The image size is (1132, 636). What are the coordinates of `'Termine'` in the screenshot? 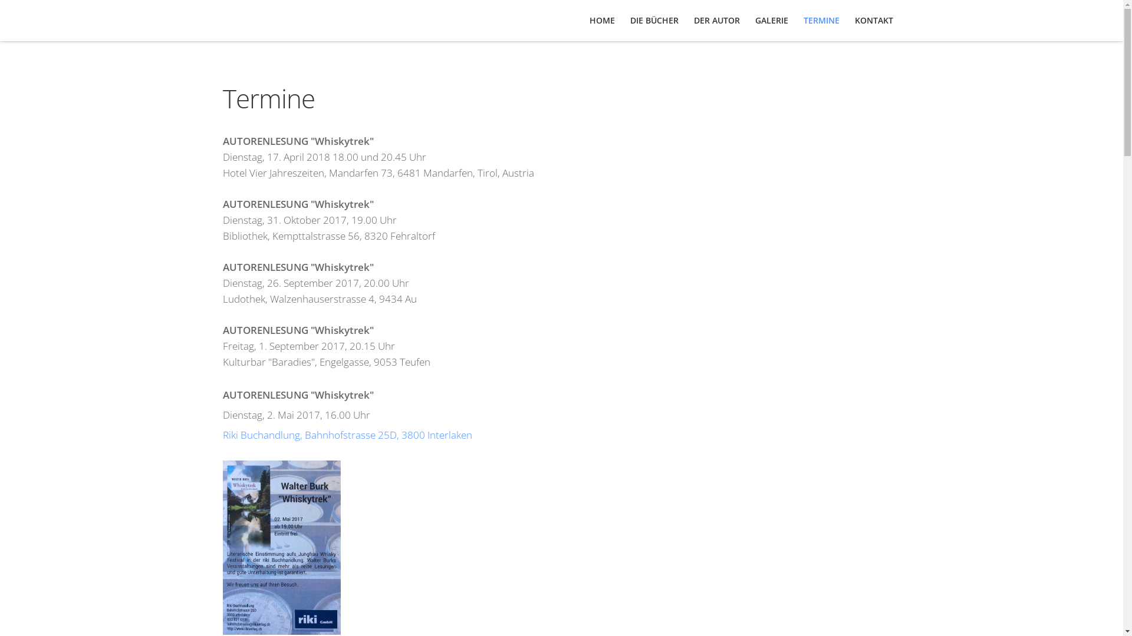 It's located at (223, 97).